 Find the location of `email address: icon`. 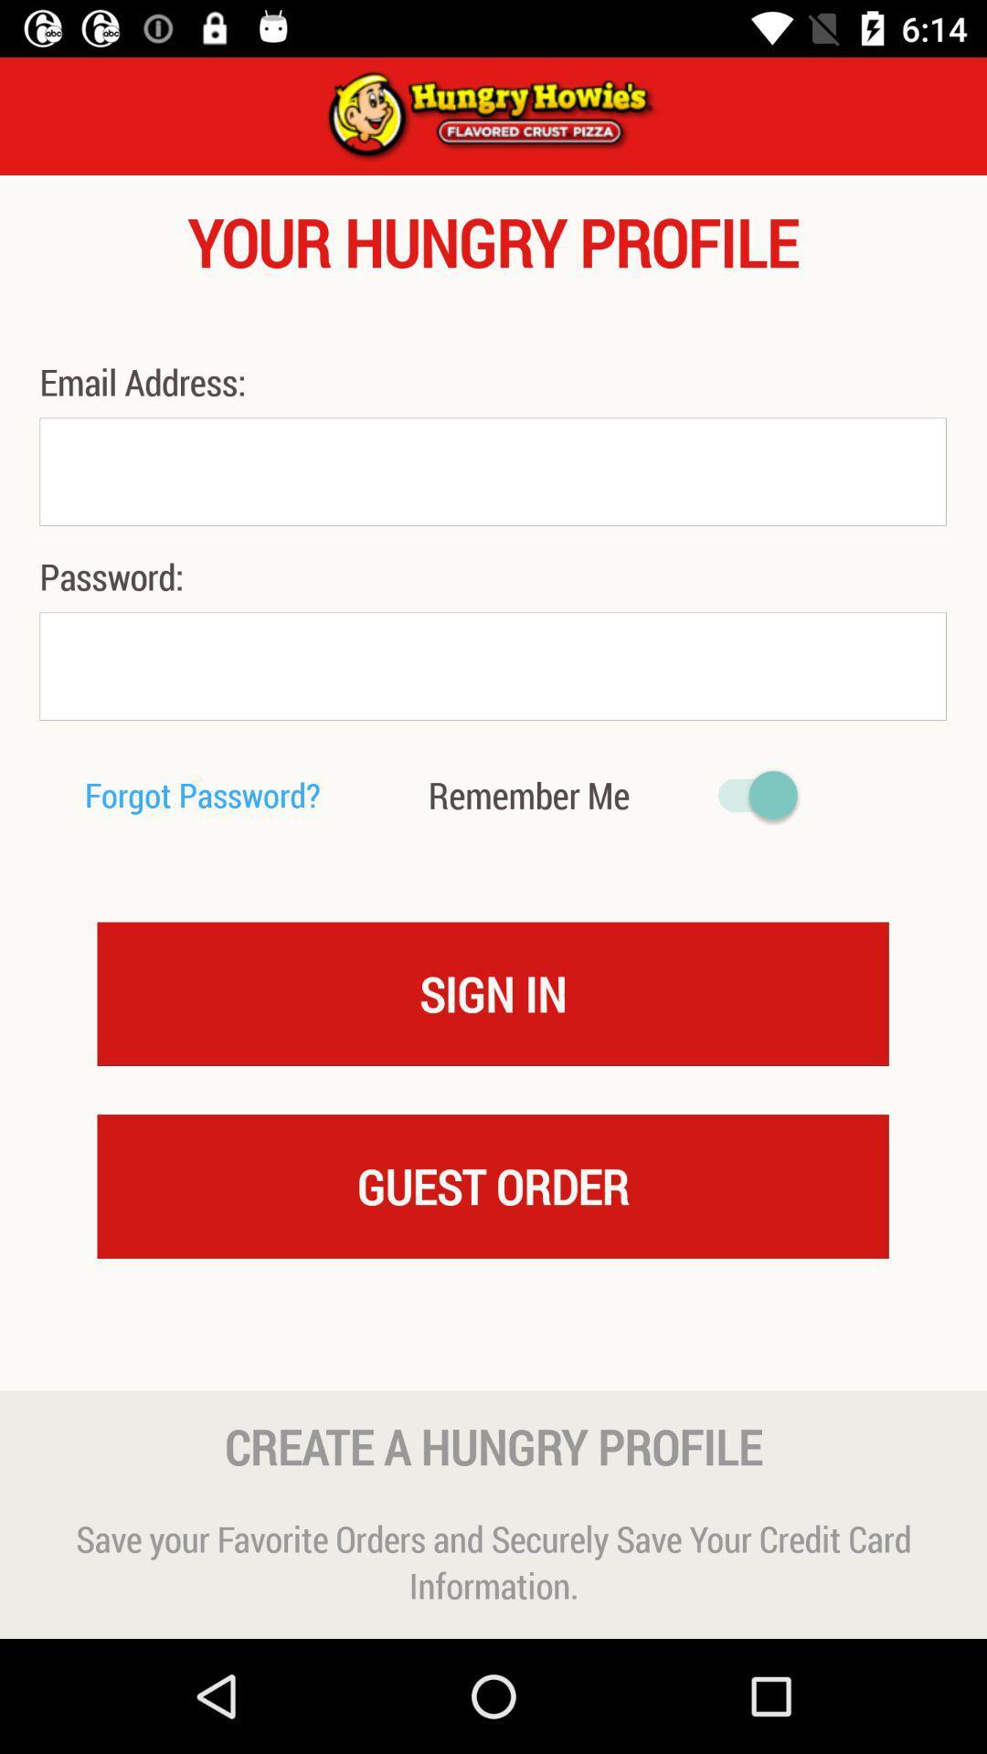

email address: icon is located at coordinates (146, 381).